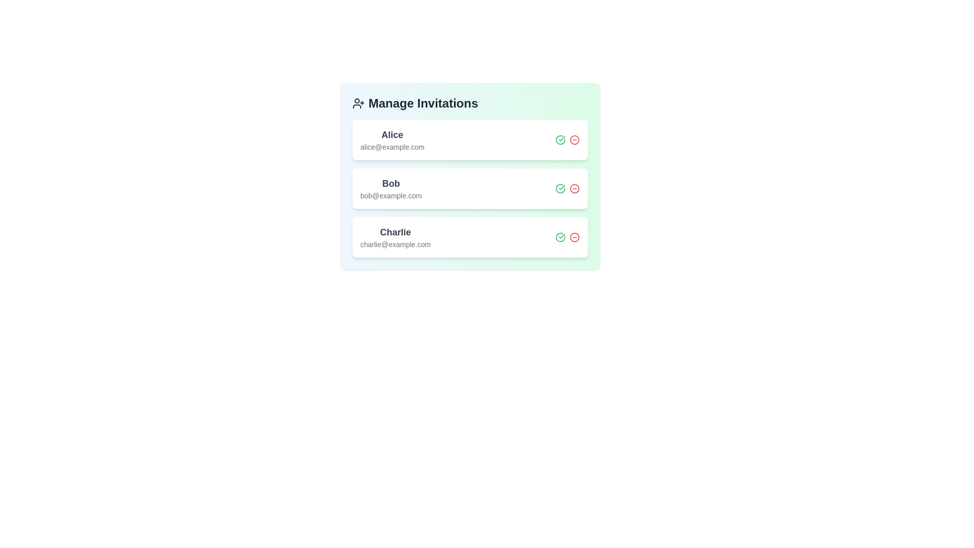  I want to click on invite button for the user with email charlie@example.com, so click(560, 237).